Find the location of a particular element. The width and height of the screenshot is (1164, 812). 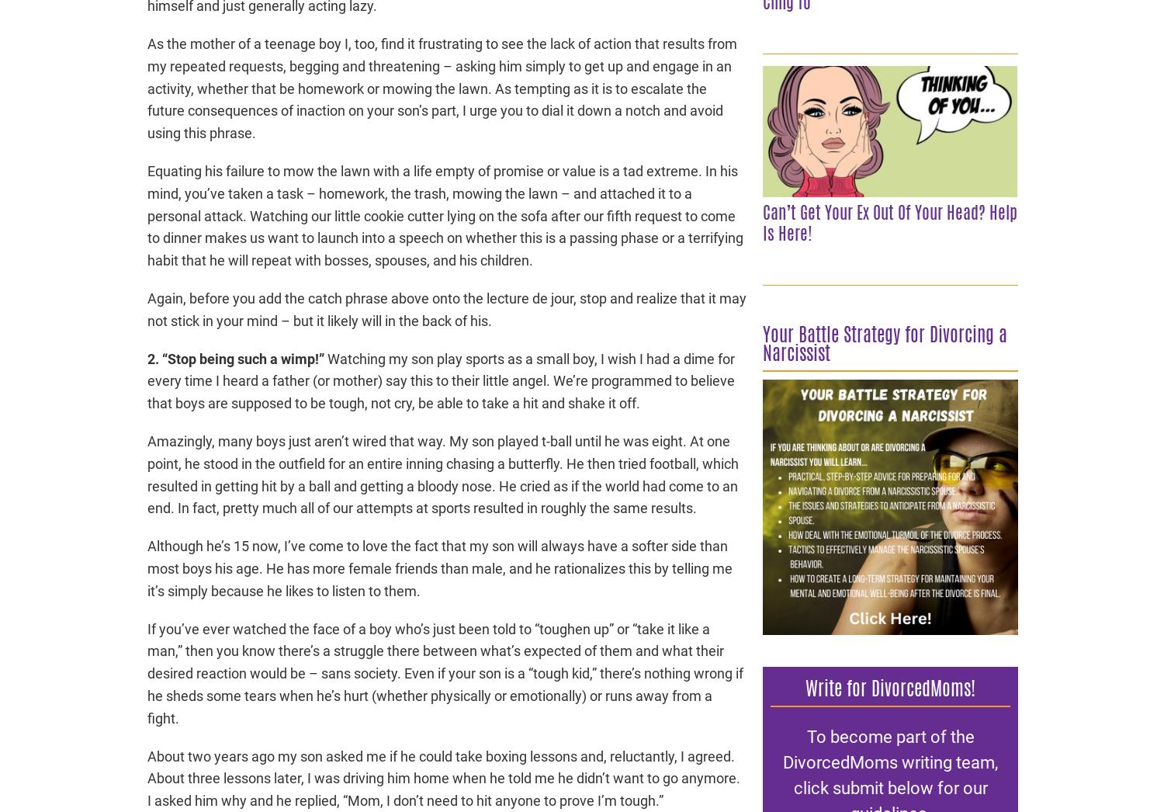

'Your Battle Strategy for Divorcing a Narcissist' is located at coordinates (885, 342).